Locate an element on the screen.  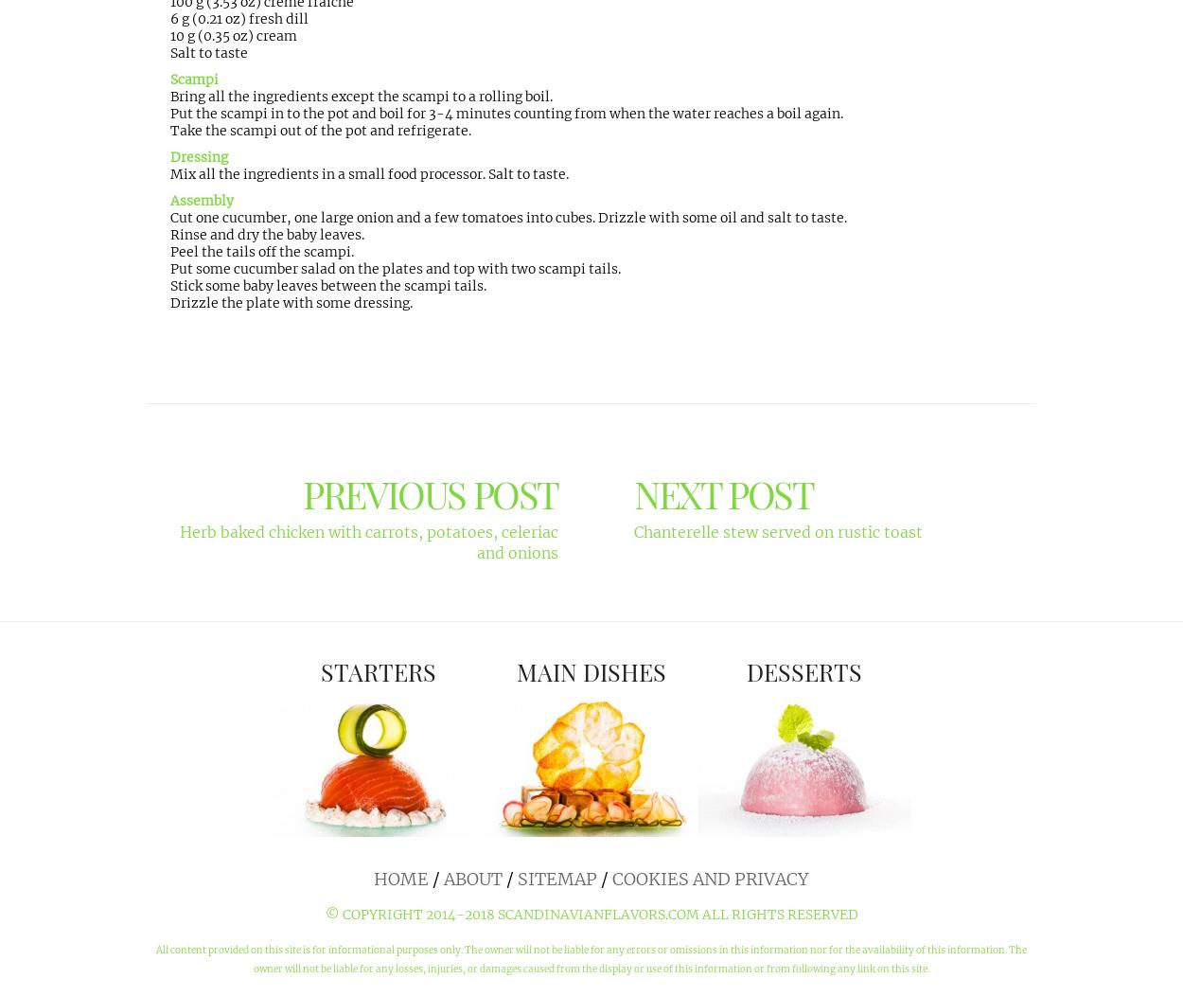
'Cookies and Privacy' is located at coordinates (711, 878).